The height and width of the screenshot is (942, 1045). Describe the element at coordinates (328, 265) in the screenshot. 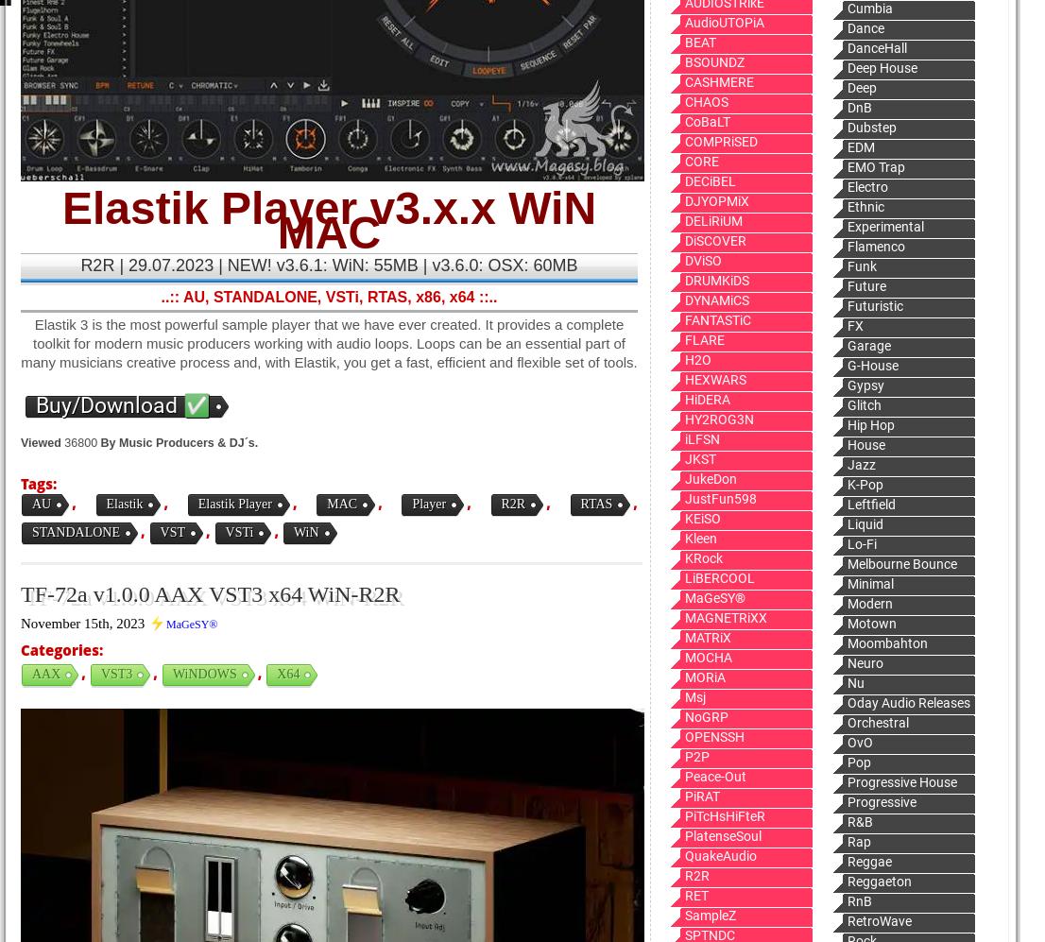

I see `'R2R | 29.07.2023 | NEW! v3.6.1: WiN: 55MB | v3.6.0: OSX: 60MB'` at that location.